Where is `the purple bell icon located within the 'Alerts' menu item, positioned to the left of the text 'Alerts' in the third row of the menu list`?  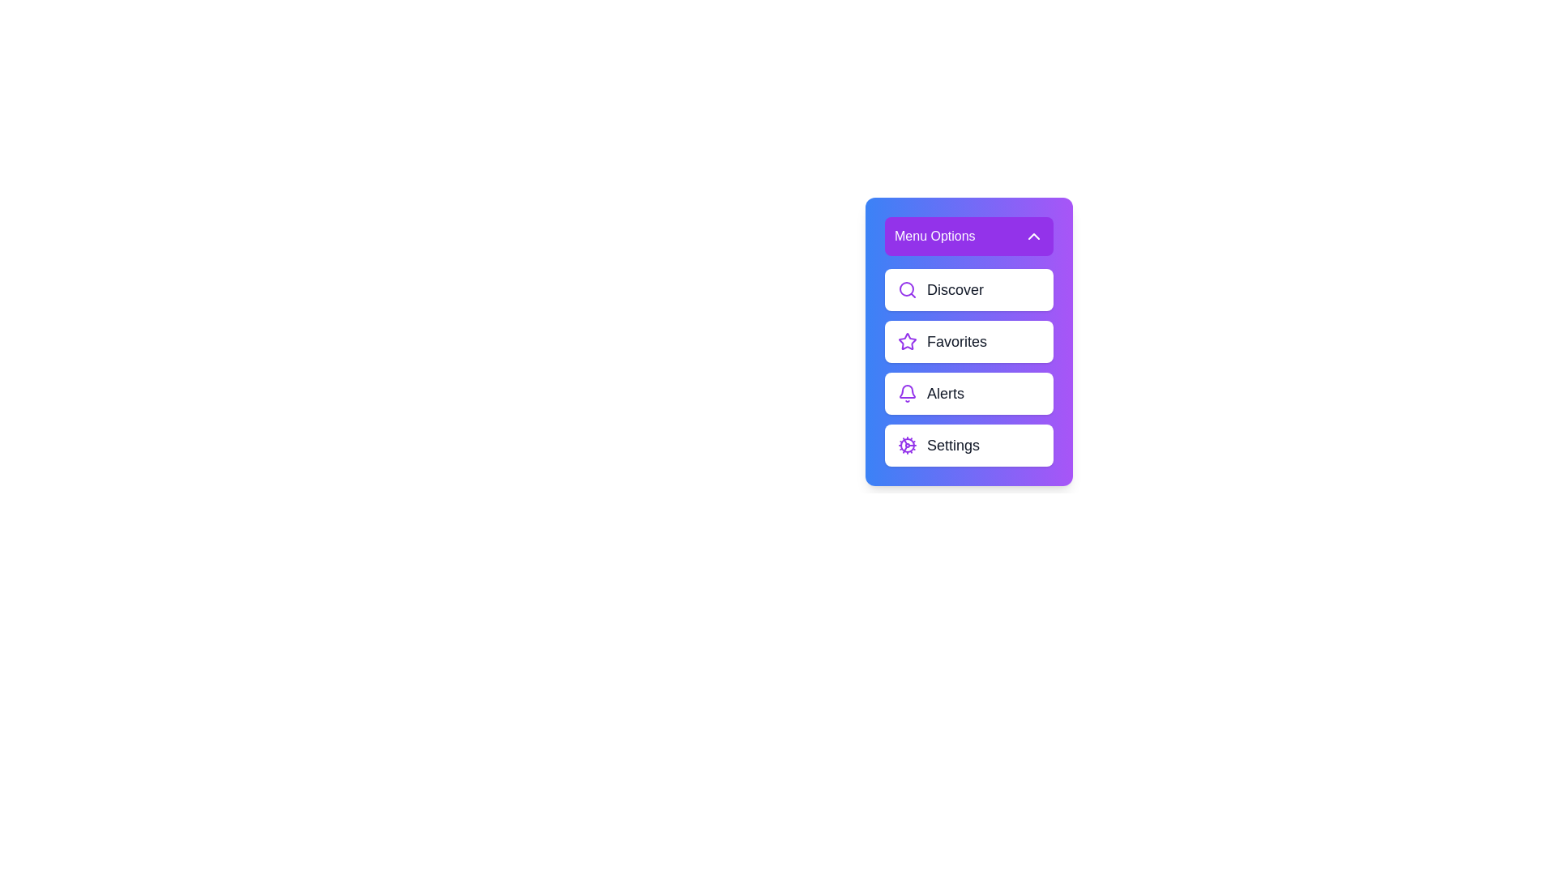 the purple bell icon located within the 'Alerts' menu item, positioned to the left of the text 'Alerts' in the third row of the menu list is located at coordinates (906, 394).